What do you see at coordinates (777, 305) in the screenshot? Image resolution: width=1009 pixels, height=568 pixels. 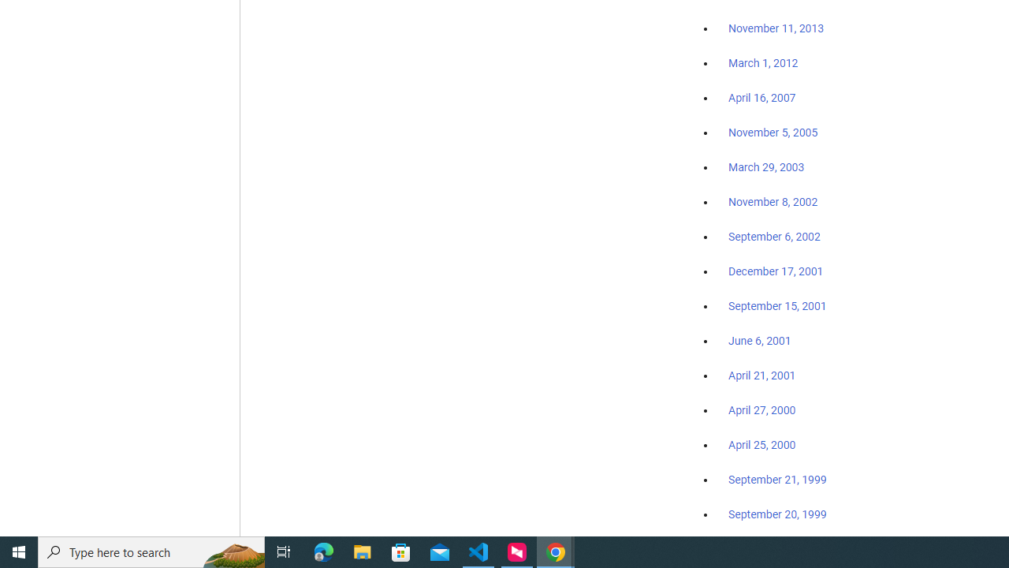 I see `'September 15, 2001'` at bounding box center [777, 305].